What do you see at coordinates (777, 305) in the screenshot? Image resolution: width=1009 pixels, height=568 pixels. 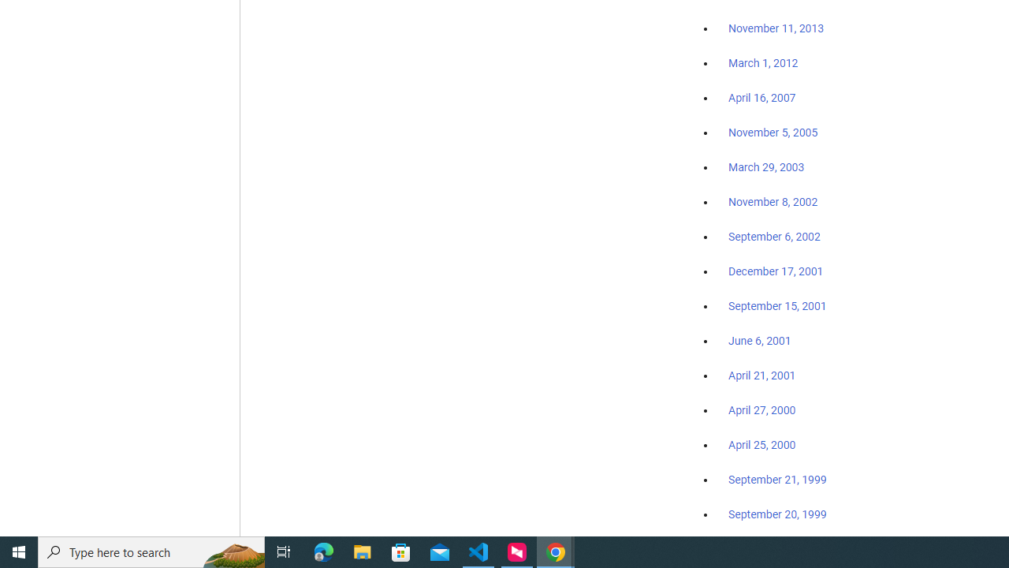 I see `'September 15, 2001'` at bounding box center [777, 305].